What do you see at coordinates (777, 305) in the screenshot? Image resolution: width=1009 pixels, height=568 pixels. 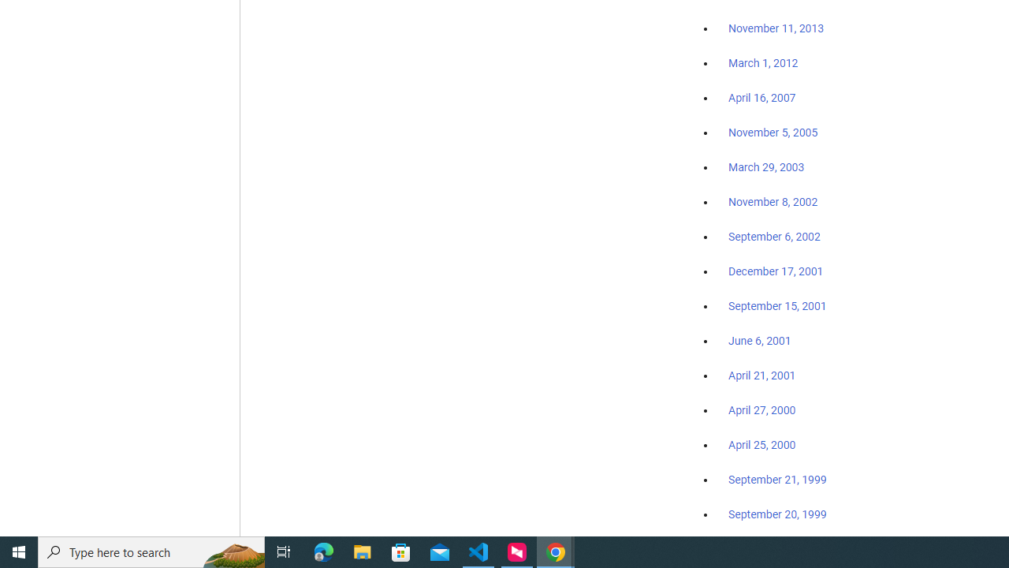 I see `'September 15, 2001'` at bounding box center [777, 305].